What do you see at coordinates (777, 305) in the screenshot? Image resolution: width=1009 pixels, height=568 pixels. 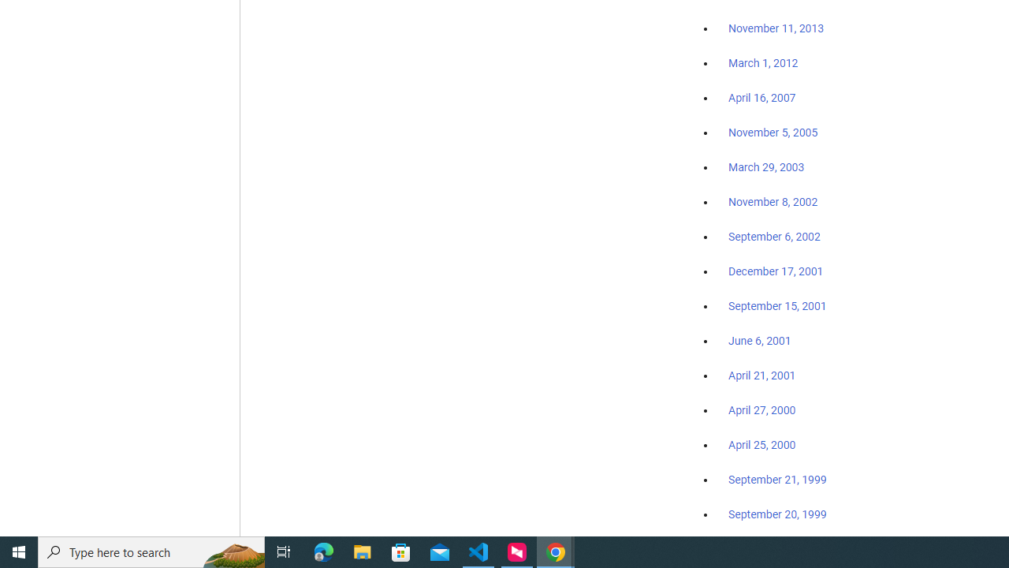 I see `'September 15, 2001'` at bounding box center [777, 305].